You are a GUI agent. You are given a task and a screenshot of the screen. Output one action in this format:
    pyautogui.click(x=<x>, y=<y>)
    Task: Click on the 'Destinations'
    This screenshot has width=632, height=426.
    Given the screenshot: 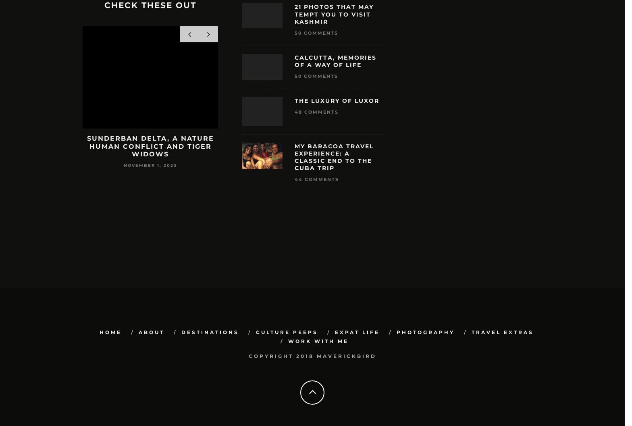 What is the action you would take?
    pyautogui.click(x=210, y=332)
    